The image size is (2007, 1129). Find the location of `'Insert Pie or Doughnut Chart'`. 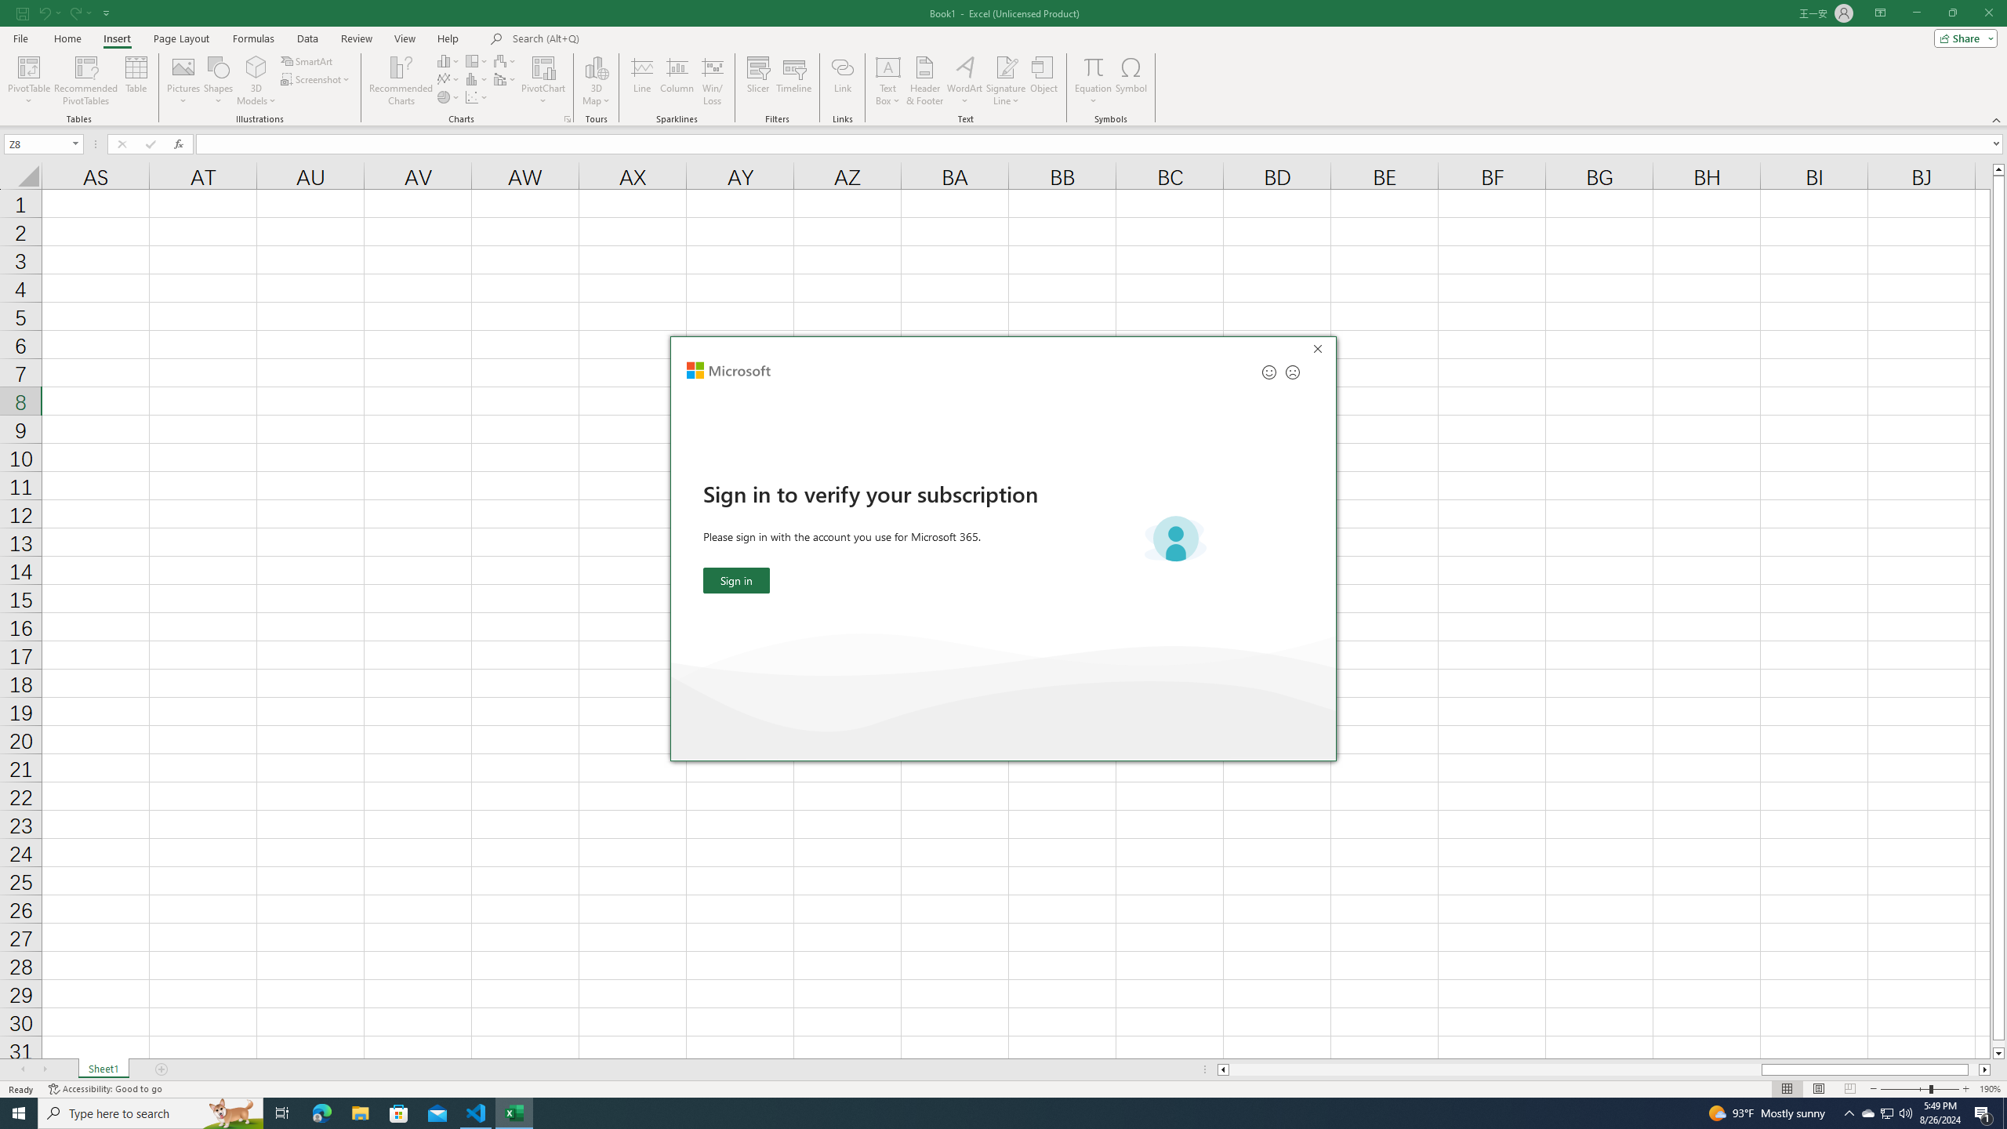

'Insert Pie or Doughnut Chart' is located at coordinates (448, 96).